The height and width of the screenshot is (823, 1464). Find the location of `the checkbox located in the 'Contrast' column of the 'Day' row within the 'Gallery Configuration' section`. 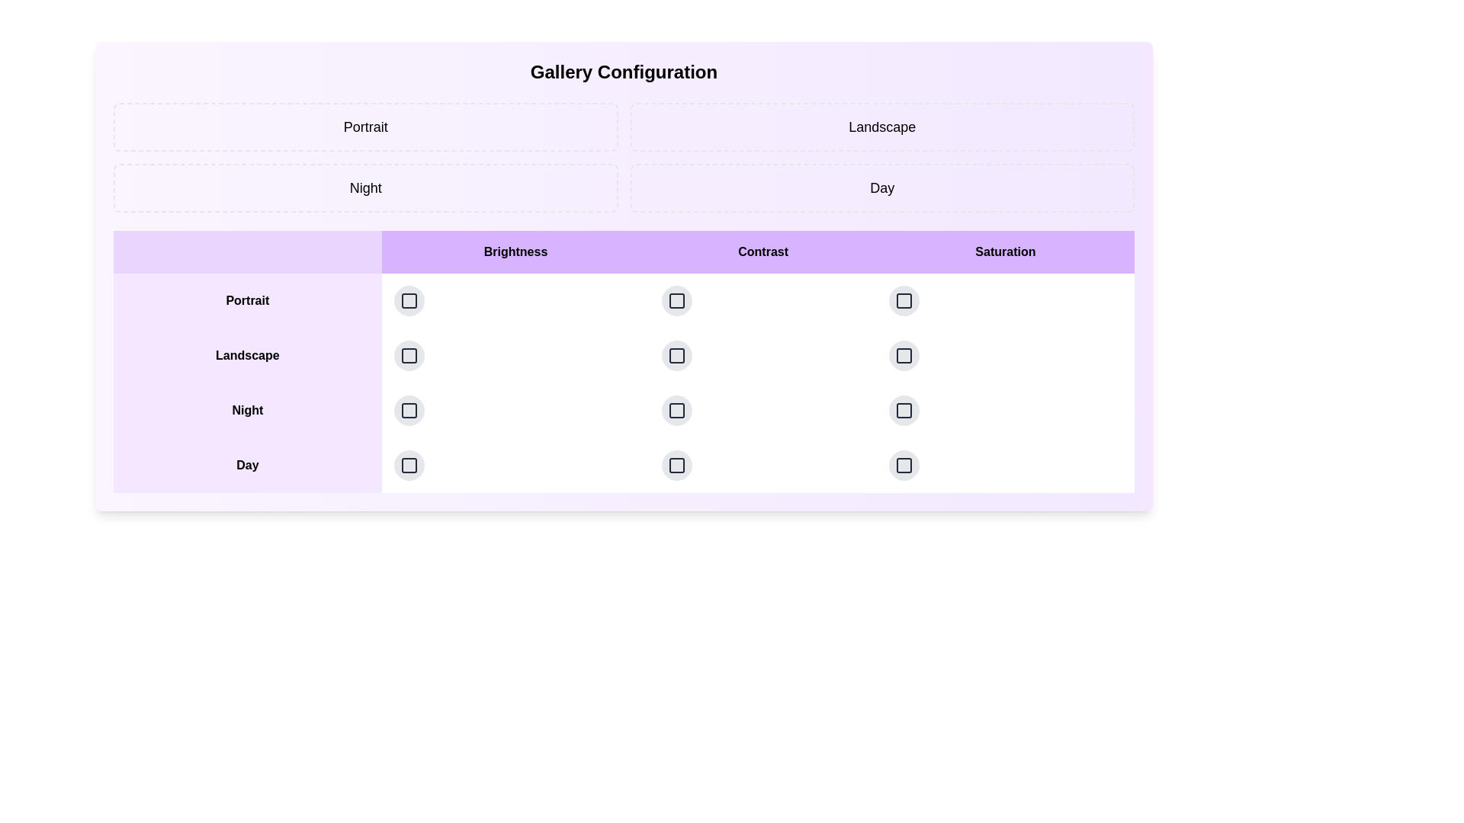

the checkbox located in the 'Contrast' column of the 'Day' row within the 'Gallery Configuration' section is located at coordinates (676, 464).